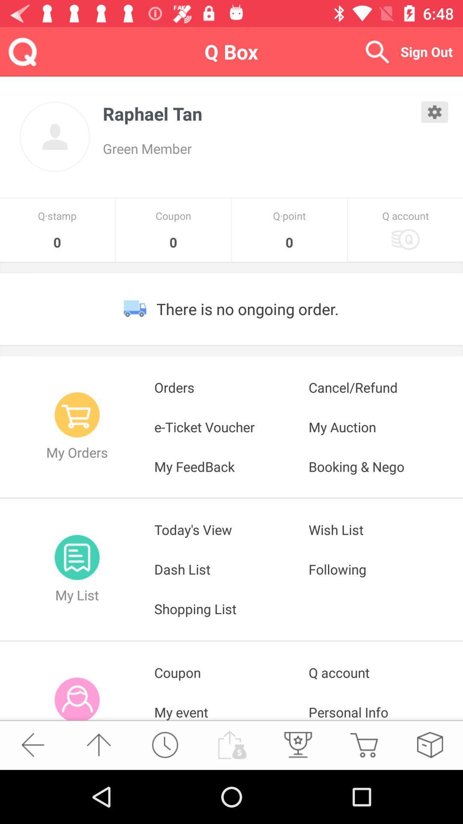 The width and height of the screenshot is (463, 824). I want to click on the item below the personal info, so click(364, 744).